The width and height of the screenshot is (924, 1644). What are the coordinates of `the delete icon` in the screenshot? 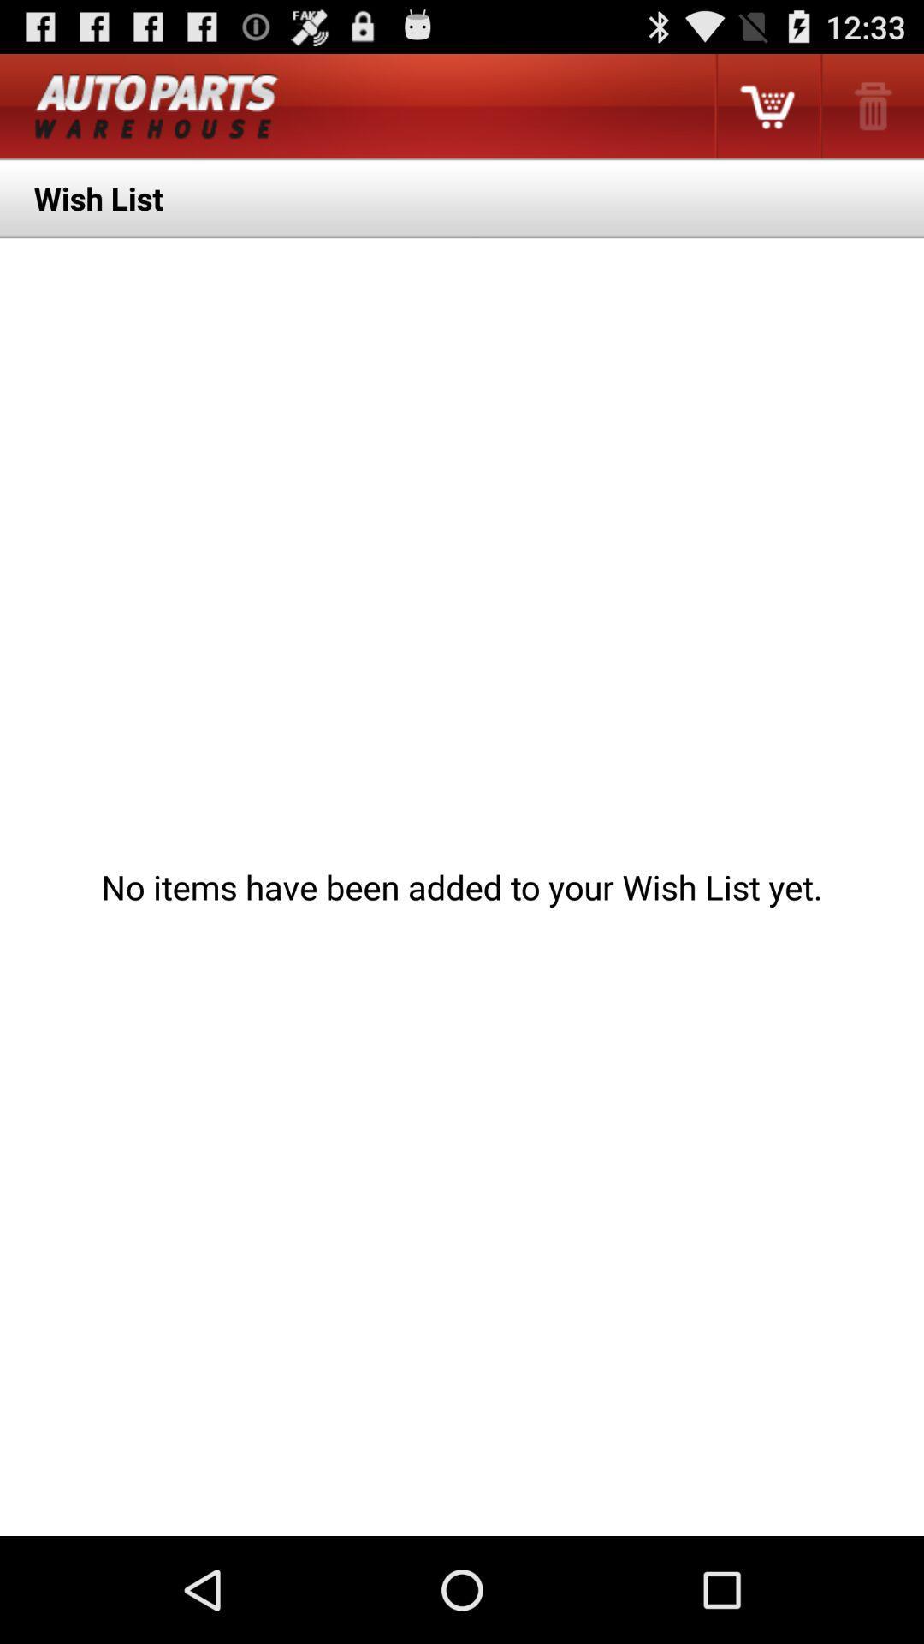 It's located at (871, 112).